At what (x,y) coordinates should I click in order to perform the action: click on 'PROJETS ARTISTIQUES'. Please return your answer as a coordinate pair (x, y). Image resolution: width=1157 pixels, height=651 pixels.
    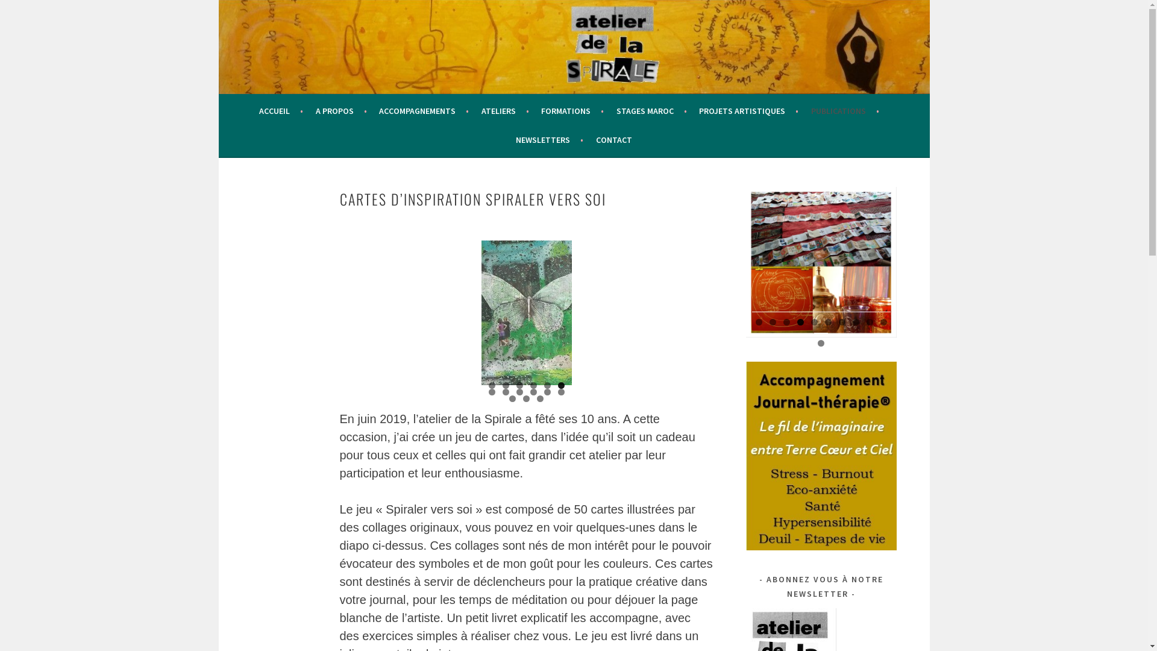
    Looking at the image, I should click on (748, 111).